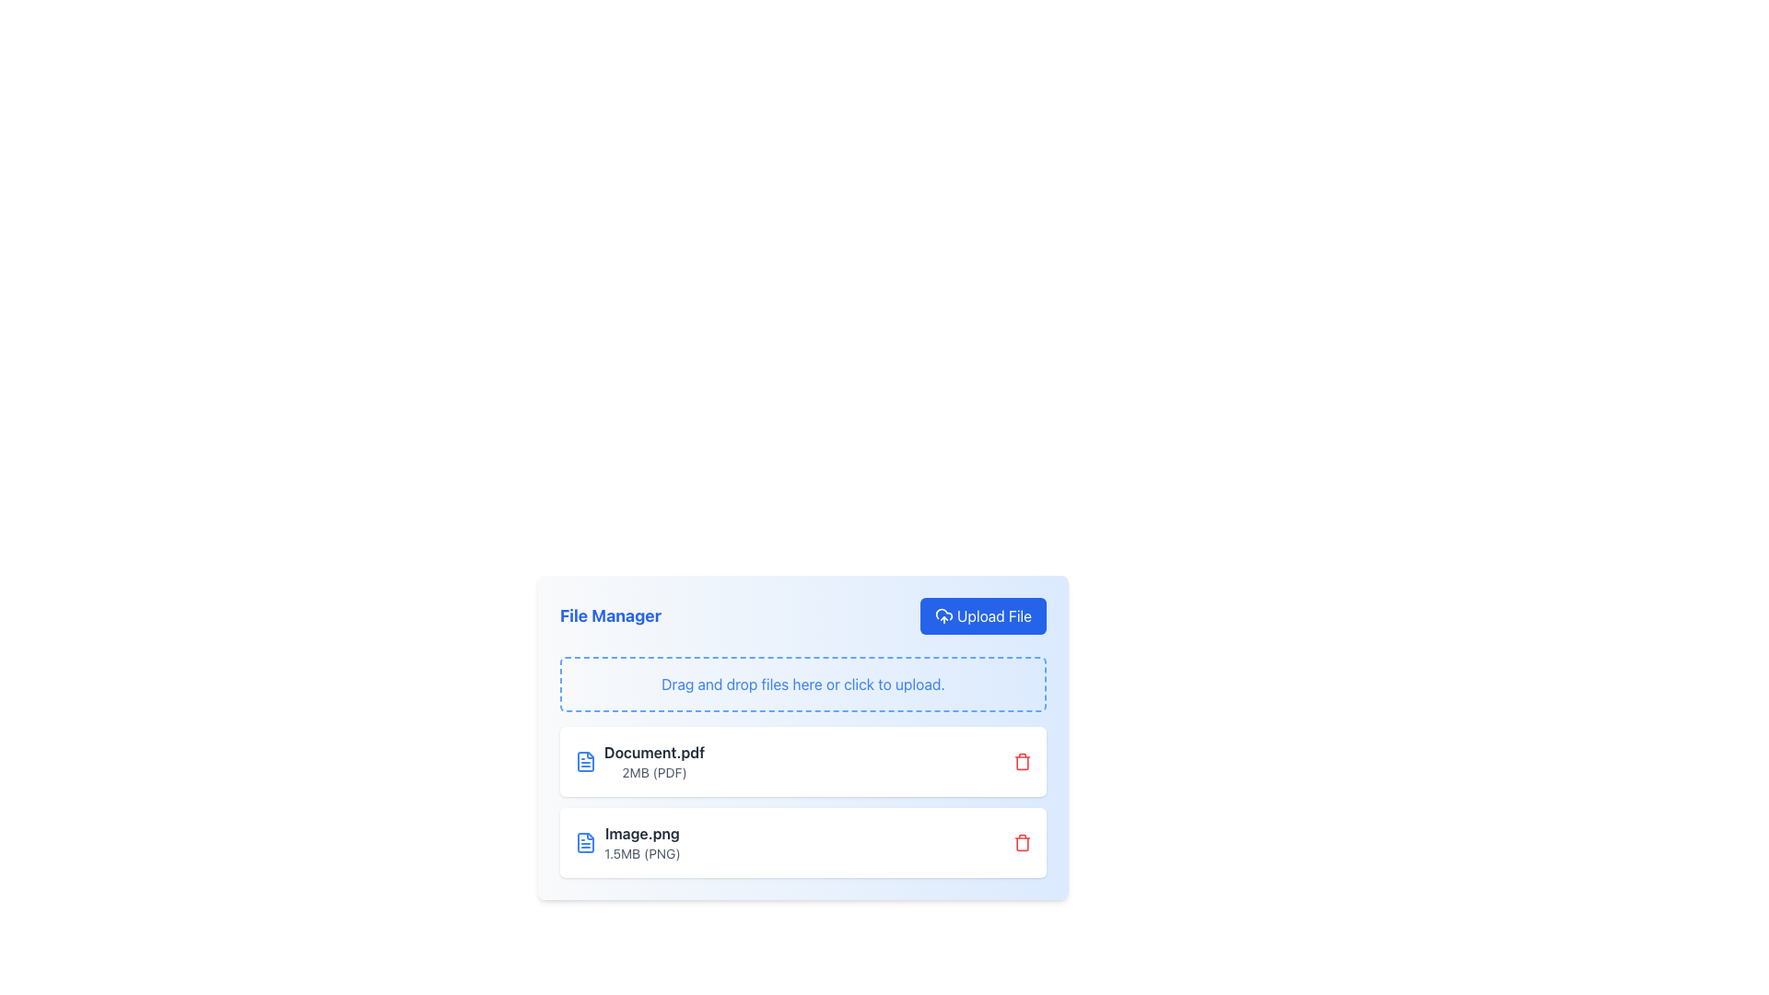 This screenshot has height=995, width=1769. What do you see at coordinates (943, 615) in the screenshot?
I see `the cloud upload icon located` at bounding box center [943, 615].